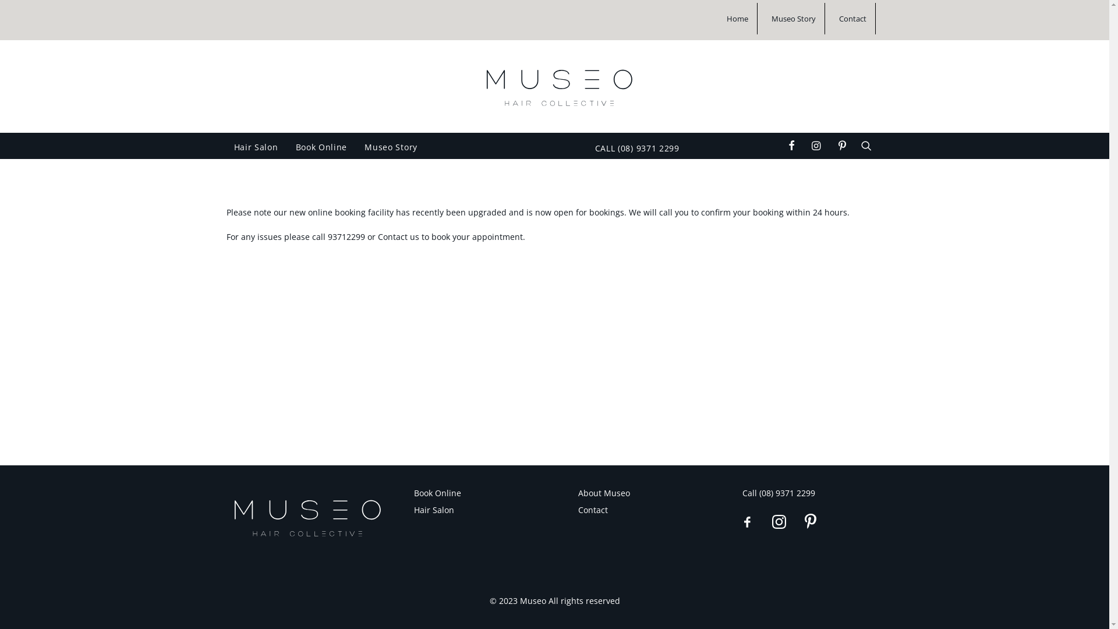 This screenshot has height=629, width=1118. I want to click on 'About Museo', so click(603, 493).